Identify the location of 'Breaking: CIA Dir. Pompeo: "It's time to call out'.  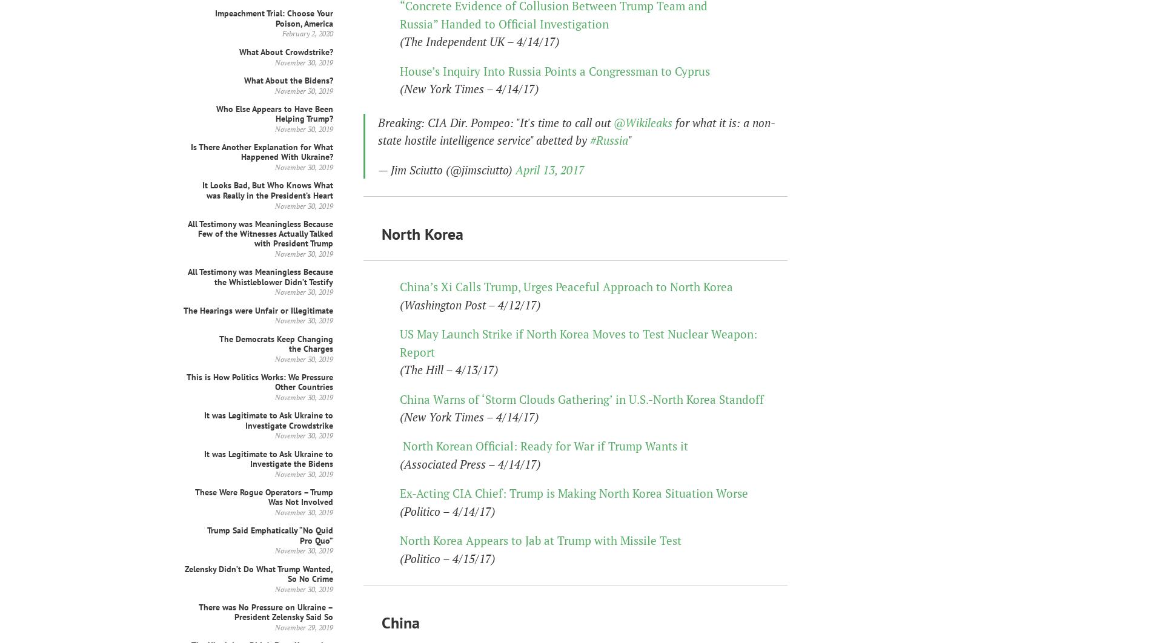
(495, 122).